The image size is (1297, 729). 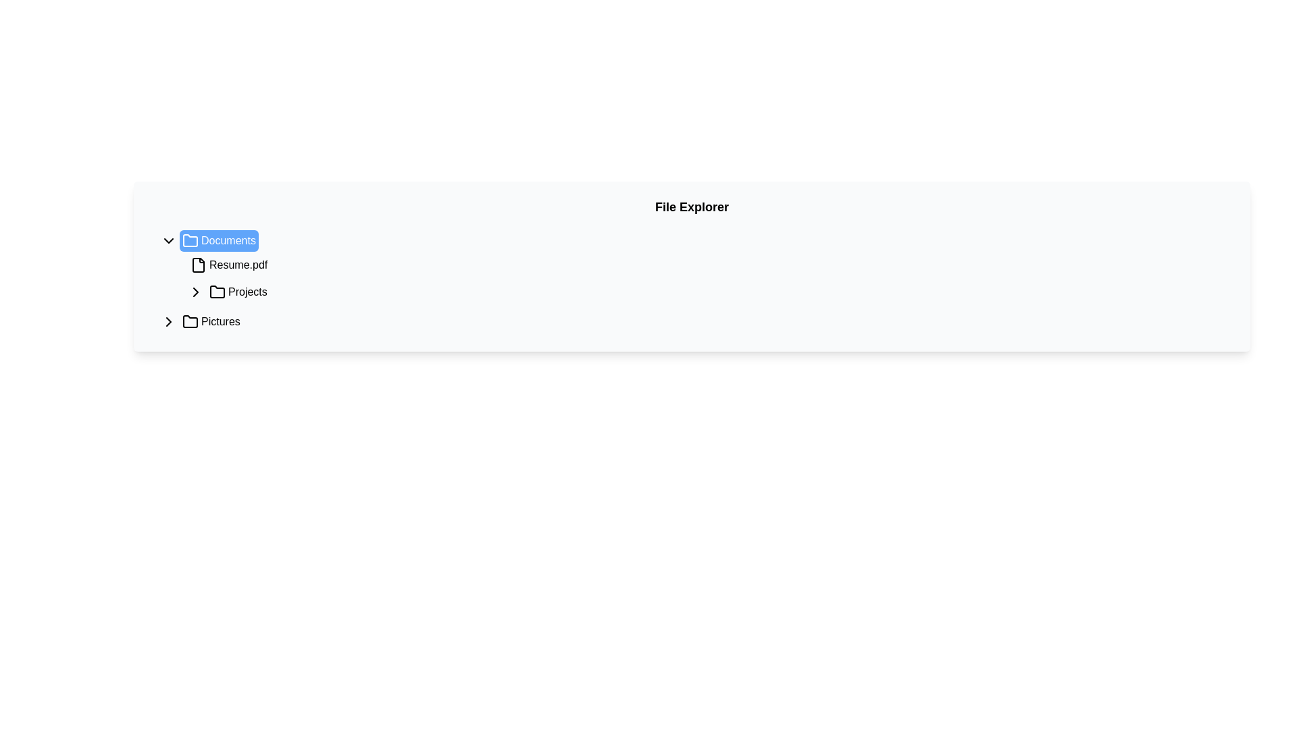 I want to click on the chevron-right SVG icon used for collapsing or expanding the 'Pictures' folder in the navigational file tree interface, so click(x=195, y=291).